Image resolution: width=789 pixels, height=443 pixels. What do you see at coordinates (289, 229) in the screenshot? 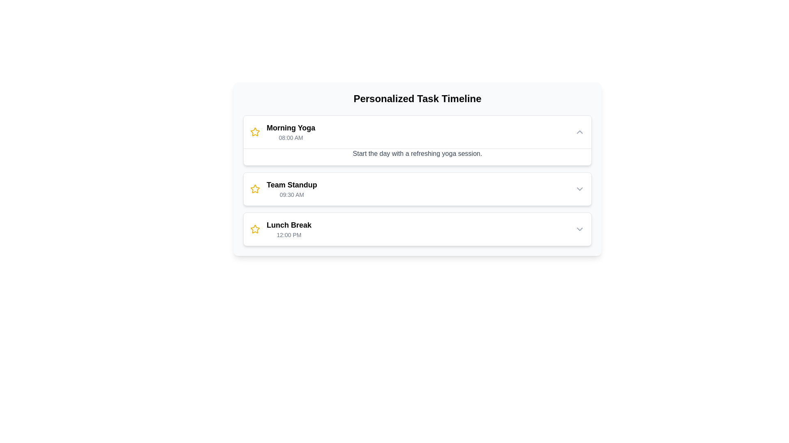
I see `text content displayed in the bottom-most task entry labeled 'Lunch Break' with a time slot of '12:00 PM'` at bounding box center [289, 229].